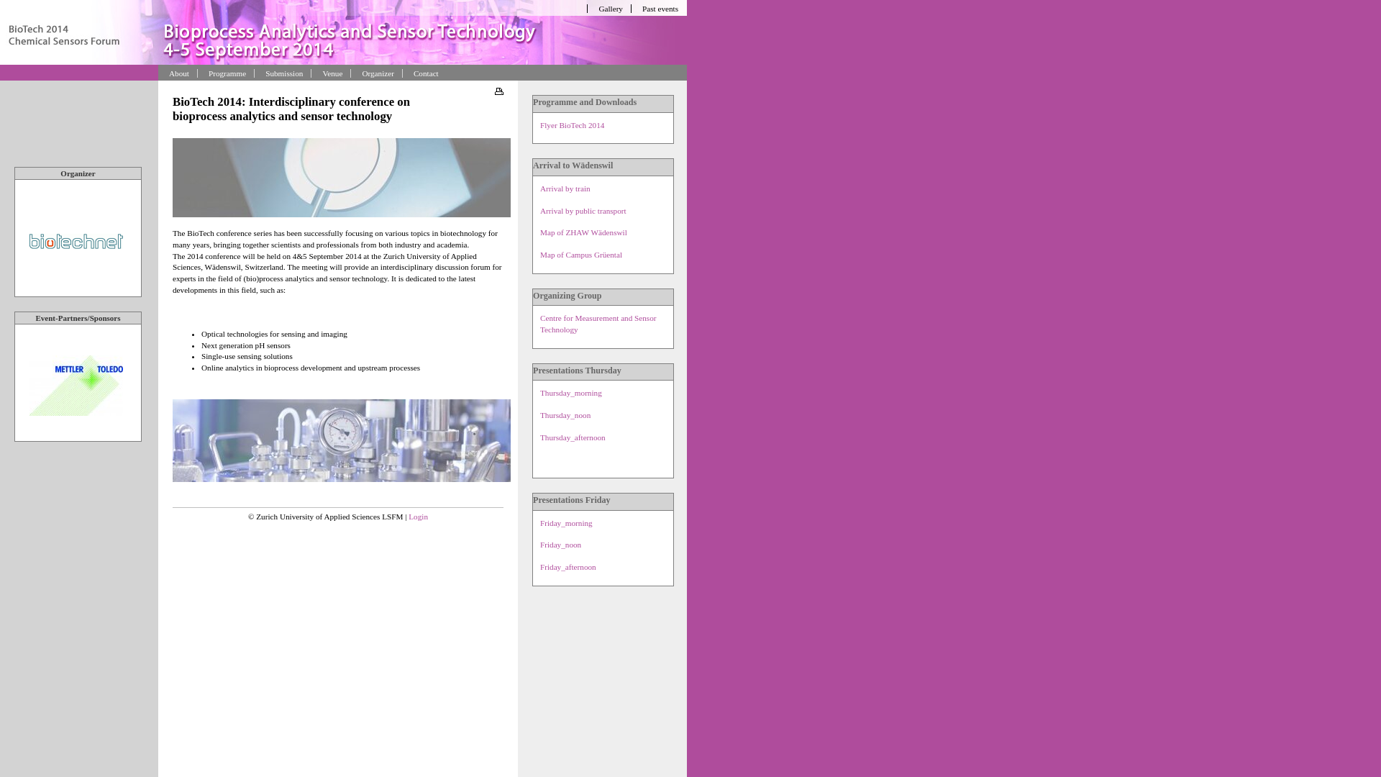 The width and height of the screenshot is (1381, 777). Describe the element at coordinates (571, 124) in the screenshot. I see `'Flyer BioTech 2014'` at that location.